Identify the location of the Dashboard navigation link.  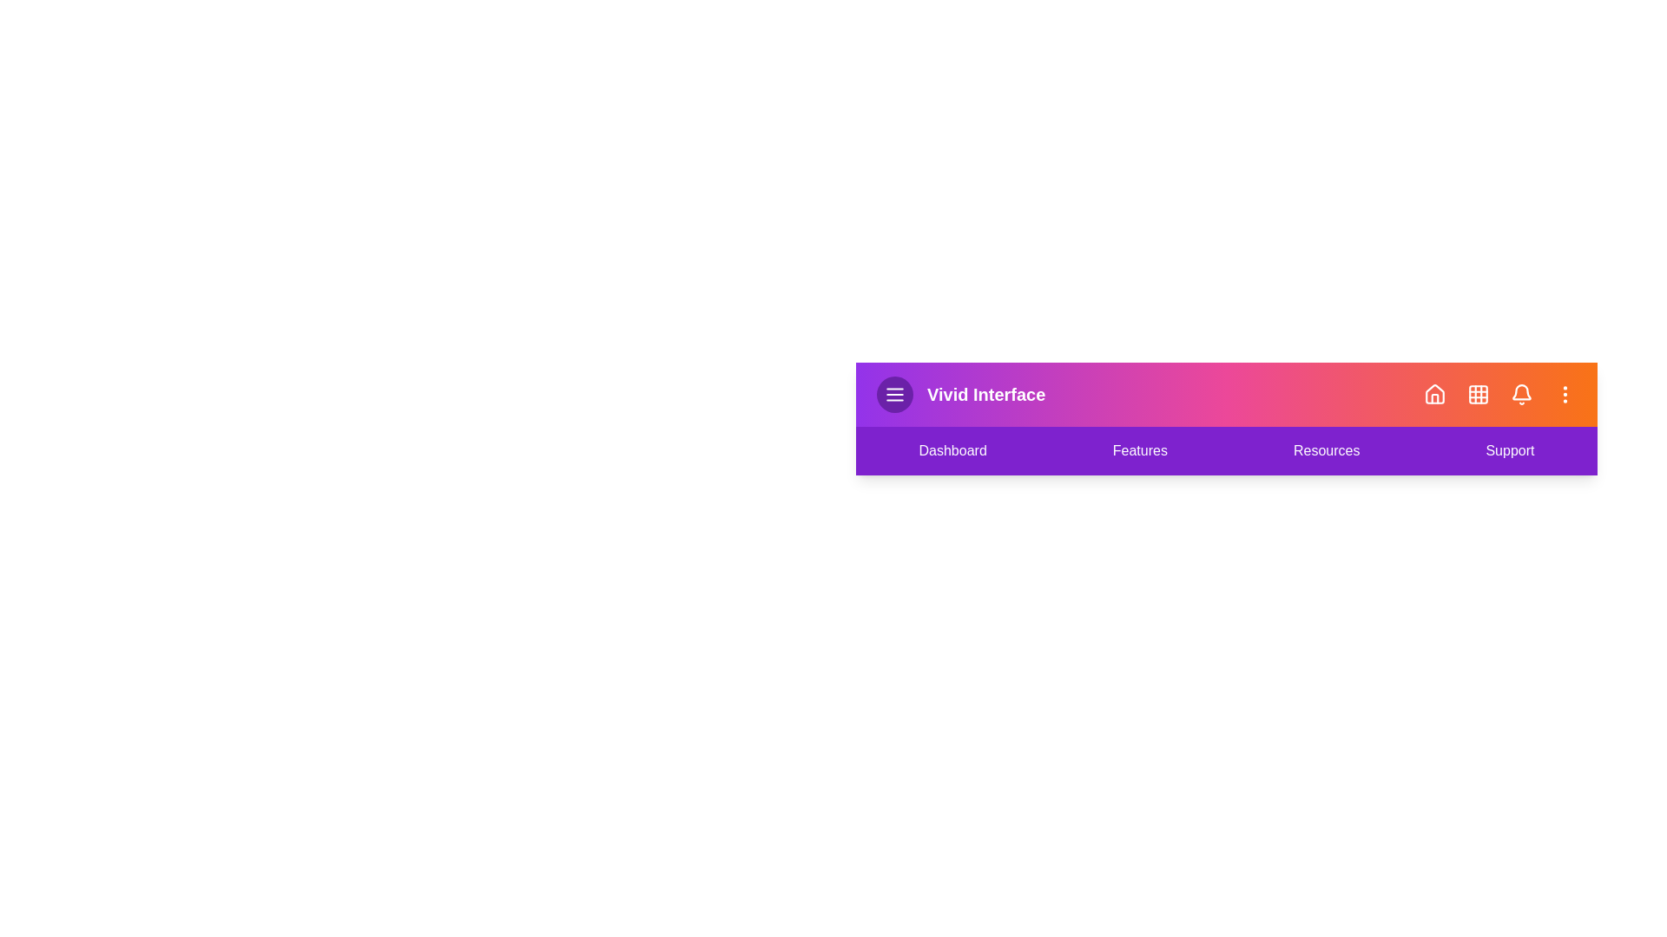
(952, 450).